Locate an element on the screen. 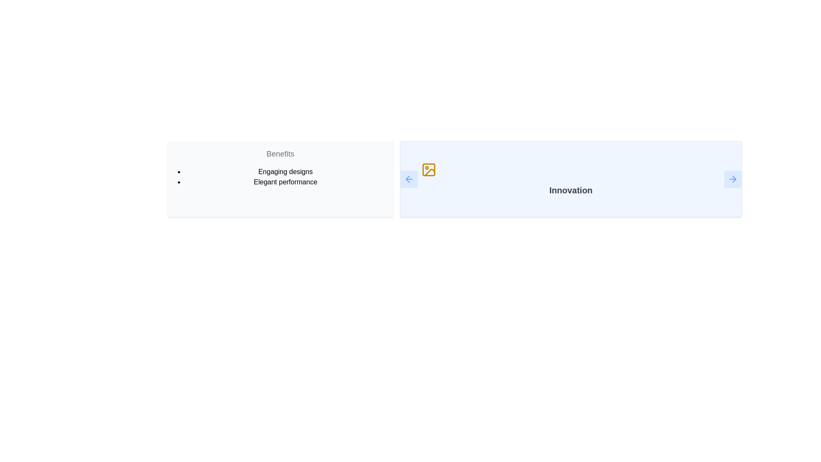 The image size is (821, 462). the left blue button with an arrow icon pointing to the left is located at coordinates (408, 179).